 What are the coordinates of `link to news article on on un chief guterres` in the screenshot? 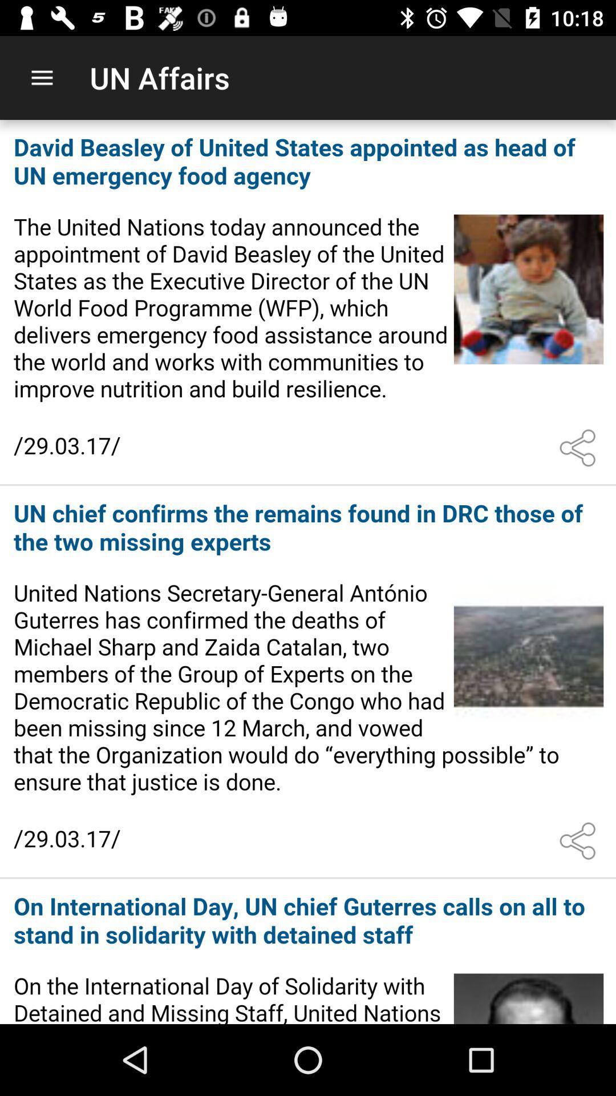 It's located at (308, 952).